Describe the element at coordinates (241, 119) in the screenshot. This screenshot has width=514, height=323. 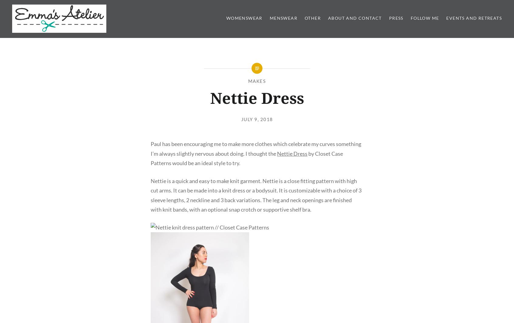
I see `'July 9, 2018'` at that location.